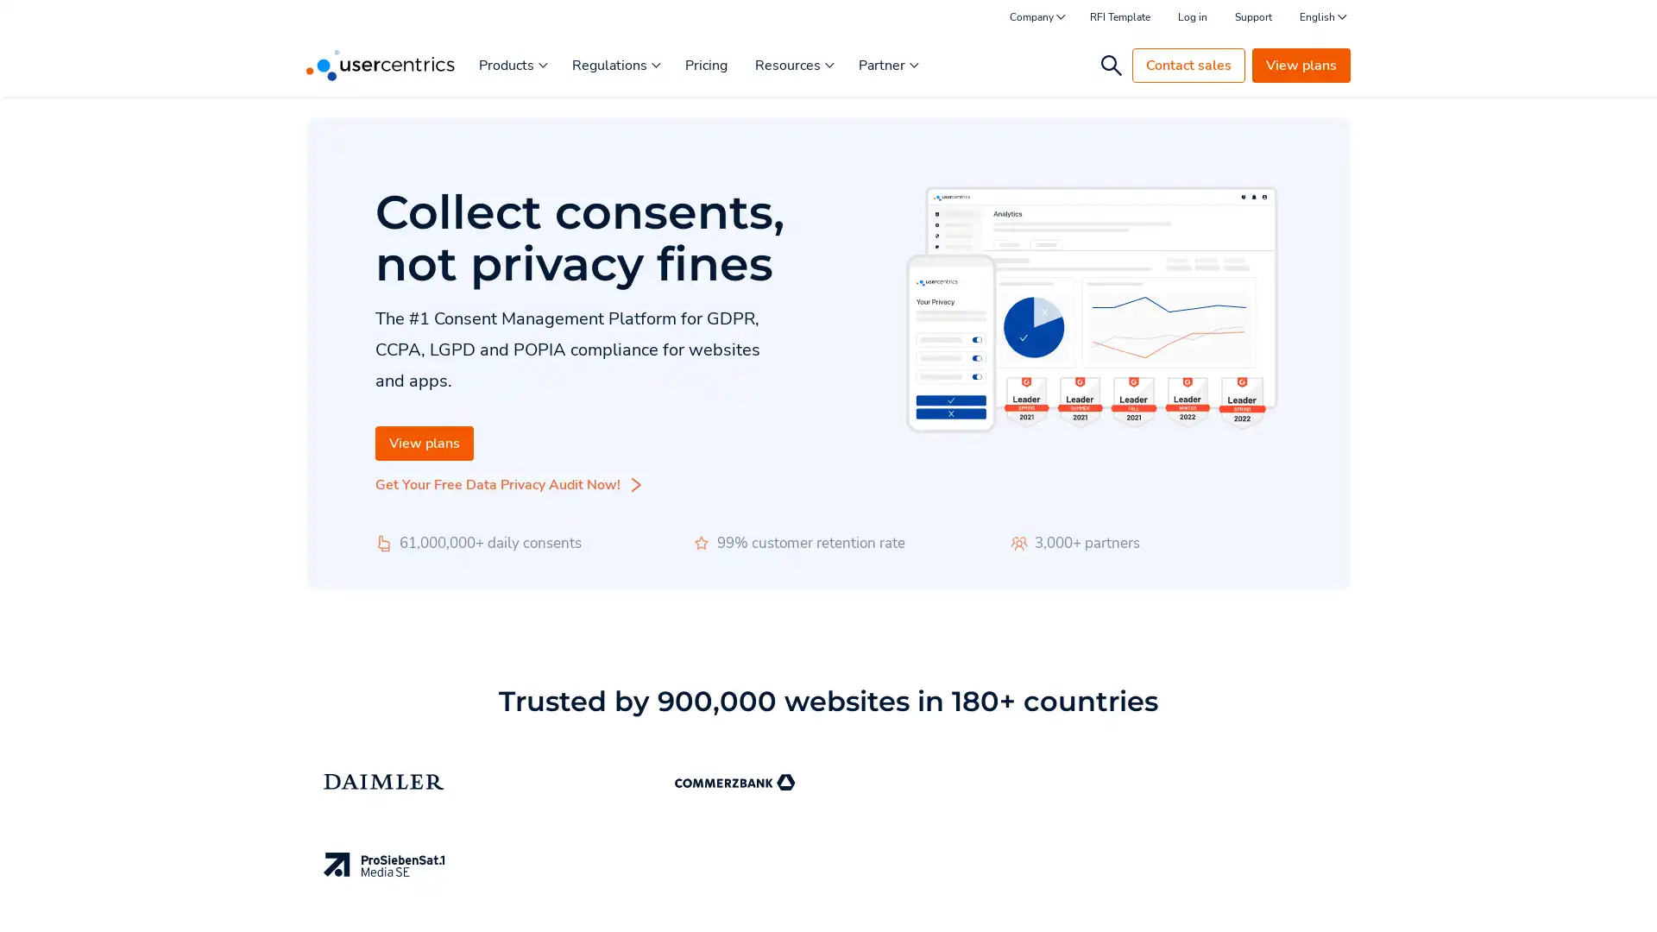 The image size is (1657, 932). I want to click on More Information, so click(218, 879).